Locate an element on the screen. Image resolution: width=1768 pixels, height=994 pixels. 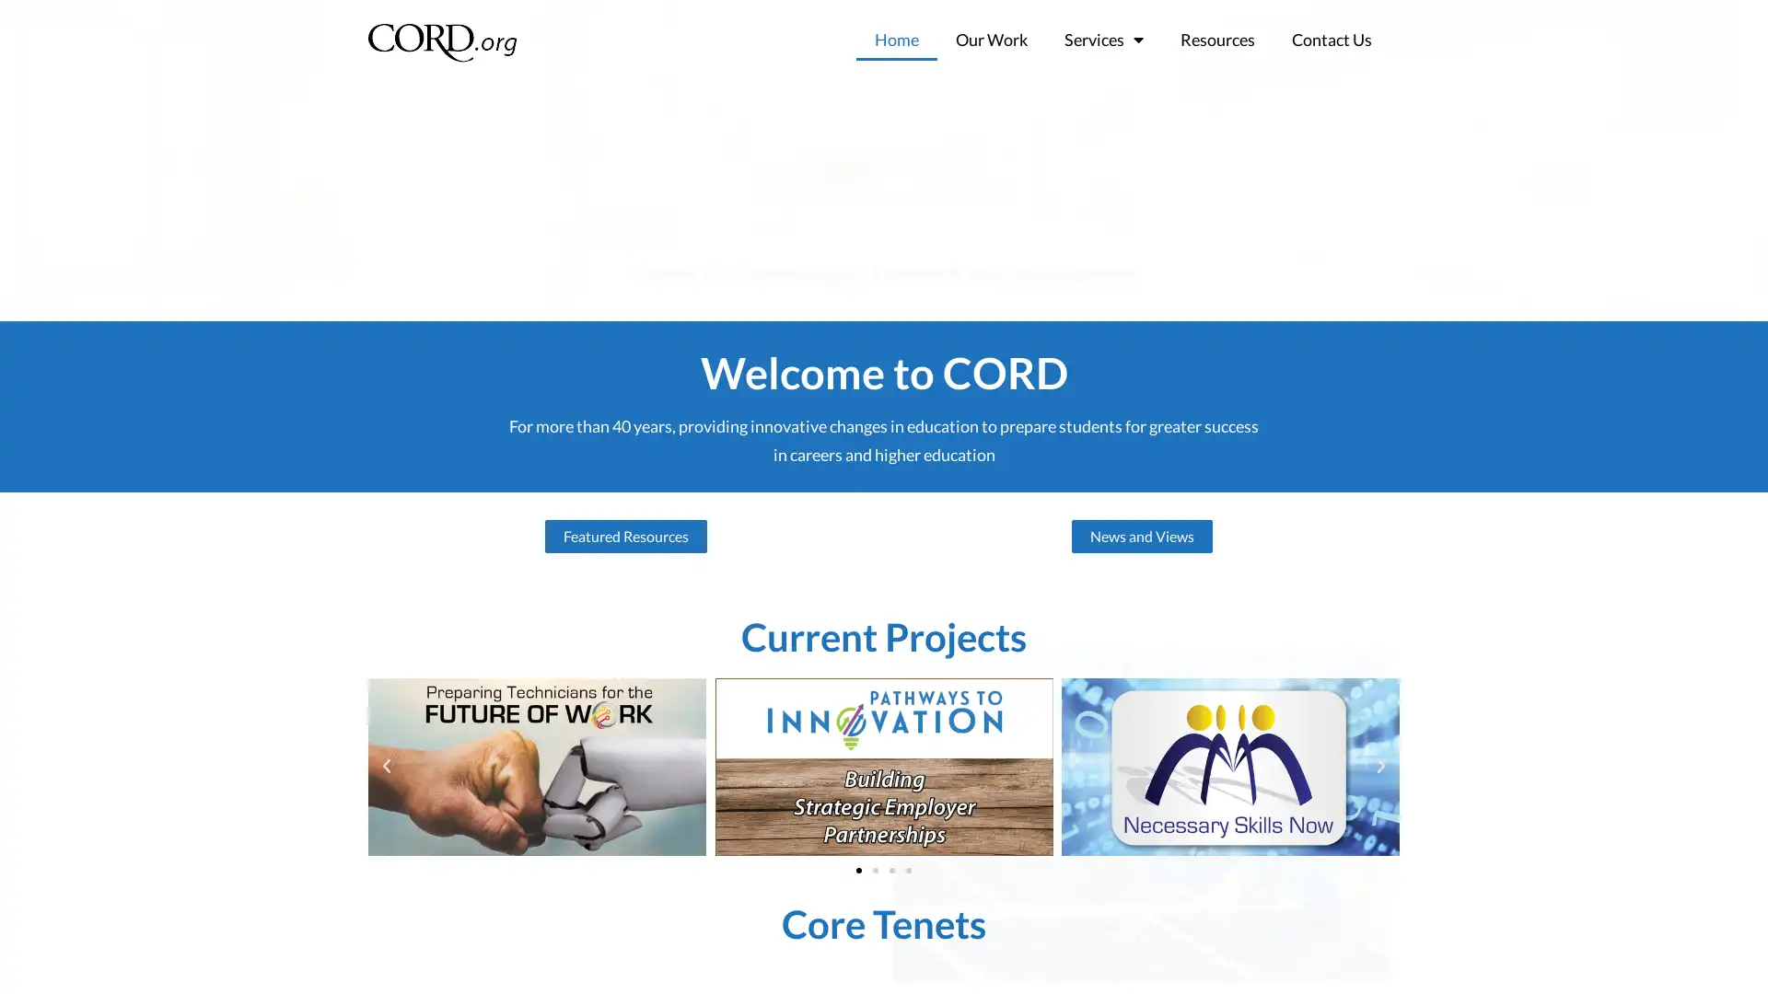
Next slide is located at coordinates (1380, 766).